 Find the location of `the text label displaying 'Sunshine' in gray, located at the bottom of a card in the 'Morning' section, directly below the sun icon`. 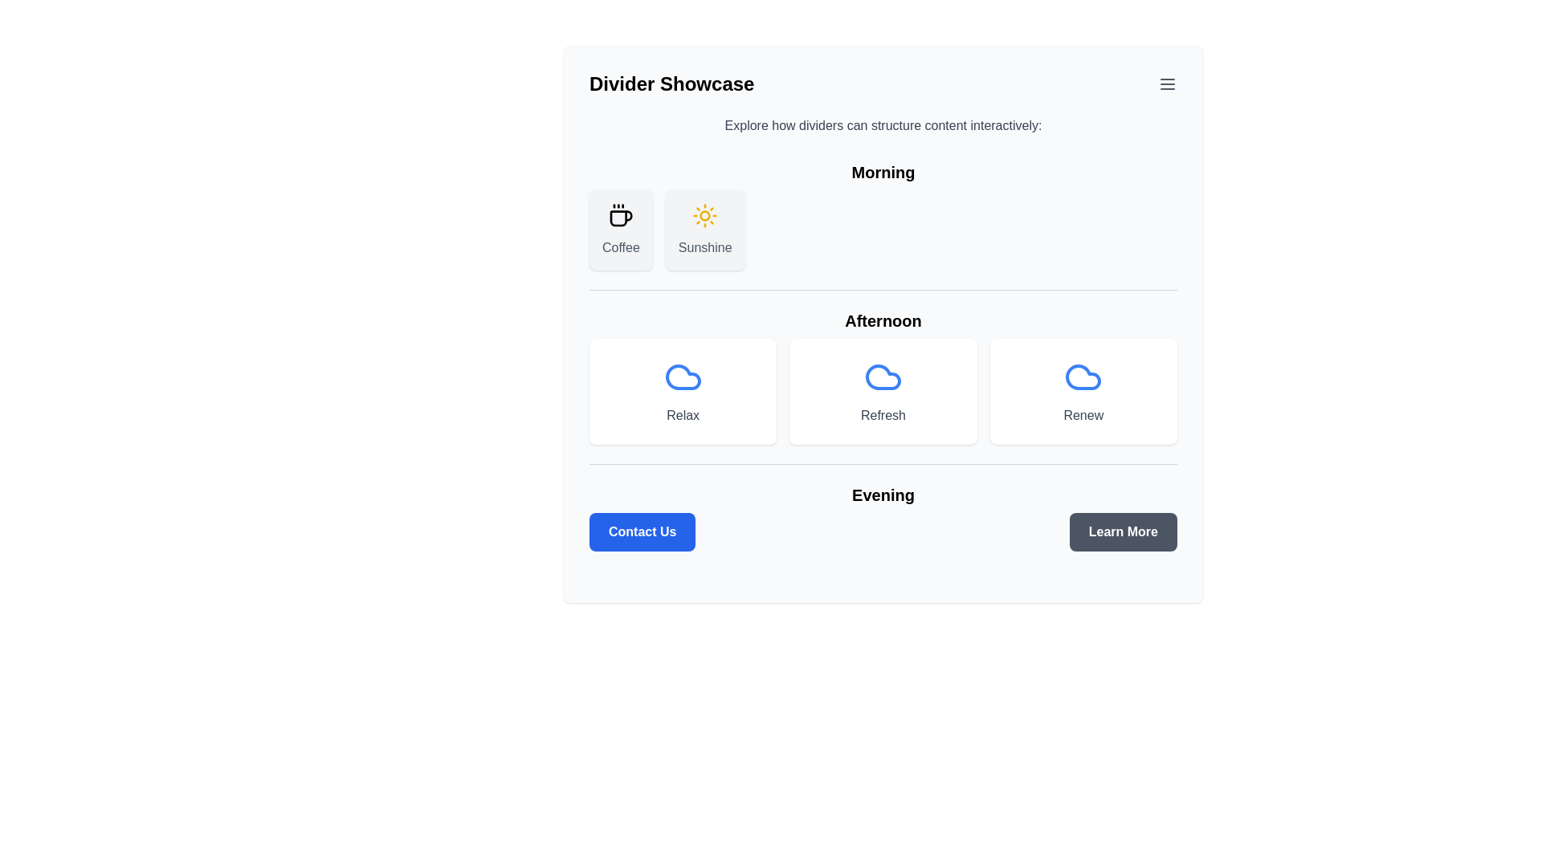

the text label displaying 'Sunshine' in gray, located at the bottom of a card in the 'Morning' section, directly below the sun icon is located at coordinates (705, 247).